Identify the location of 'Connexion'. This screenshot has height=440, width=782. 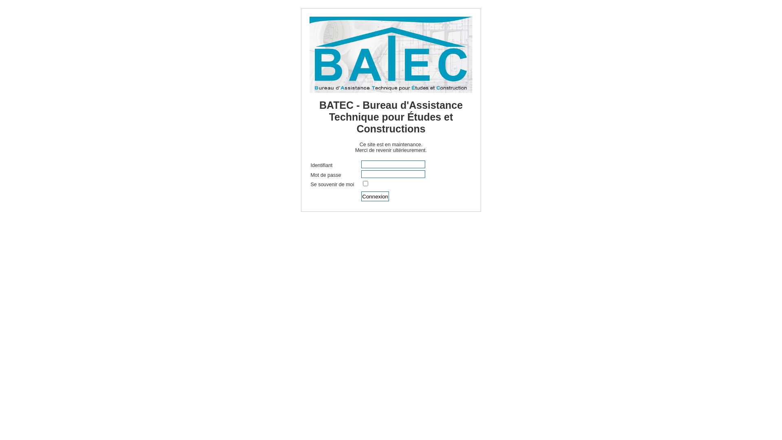
(375, 196).